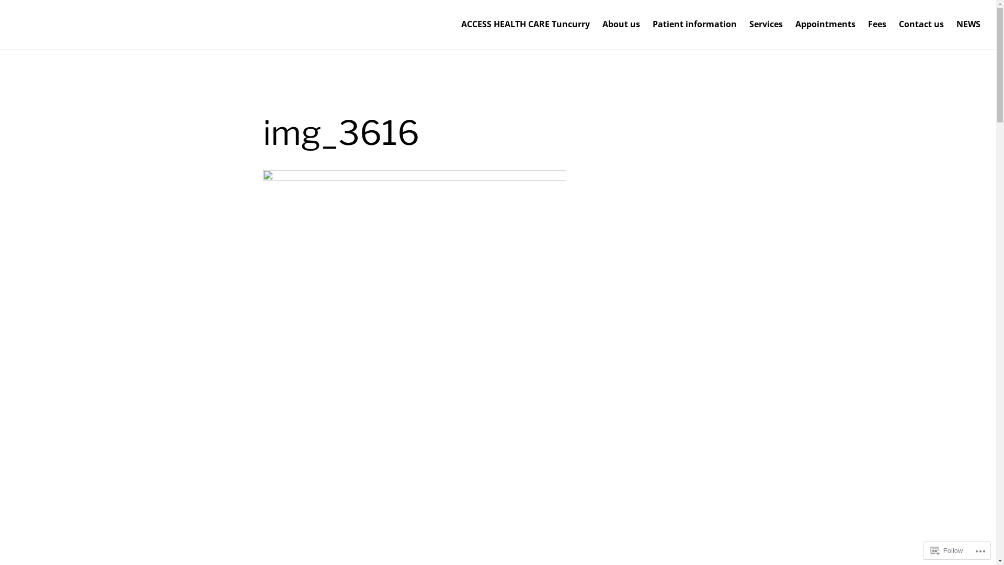  I want to click on 'Access Health Care Tuncurry', so click(130, 34).